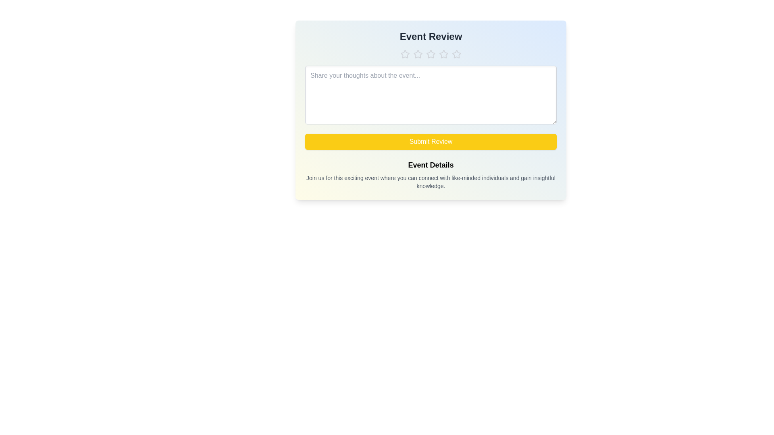  I want to click on the star corresponding to 1 to set the rating, so click(405, 54).